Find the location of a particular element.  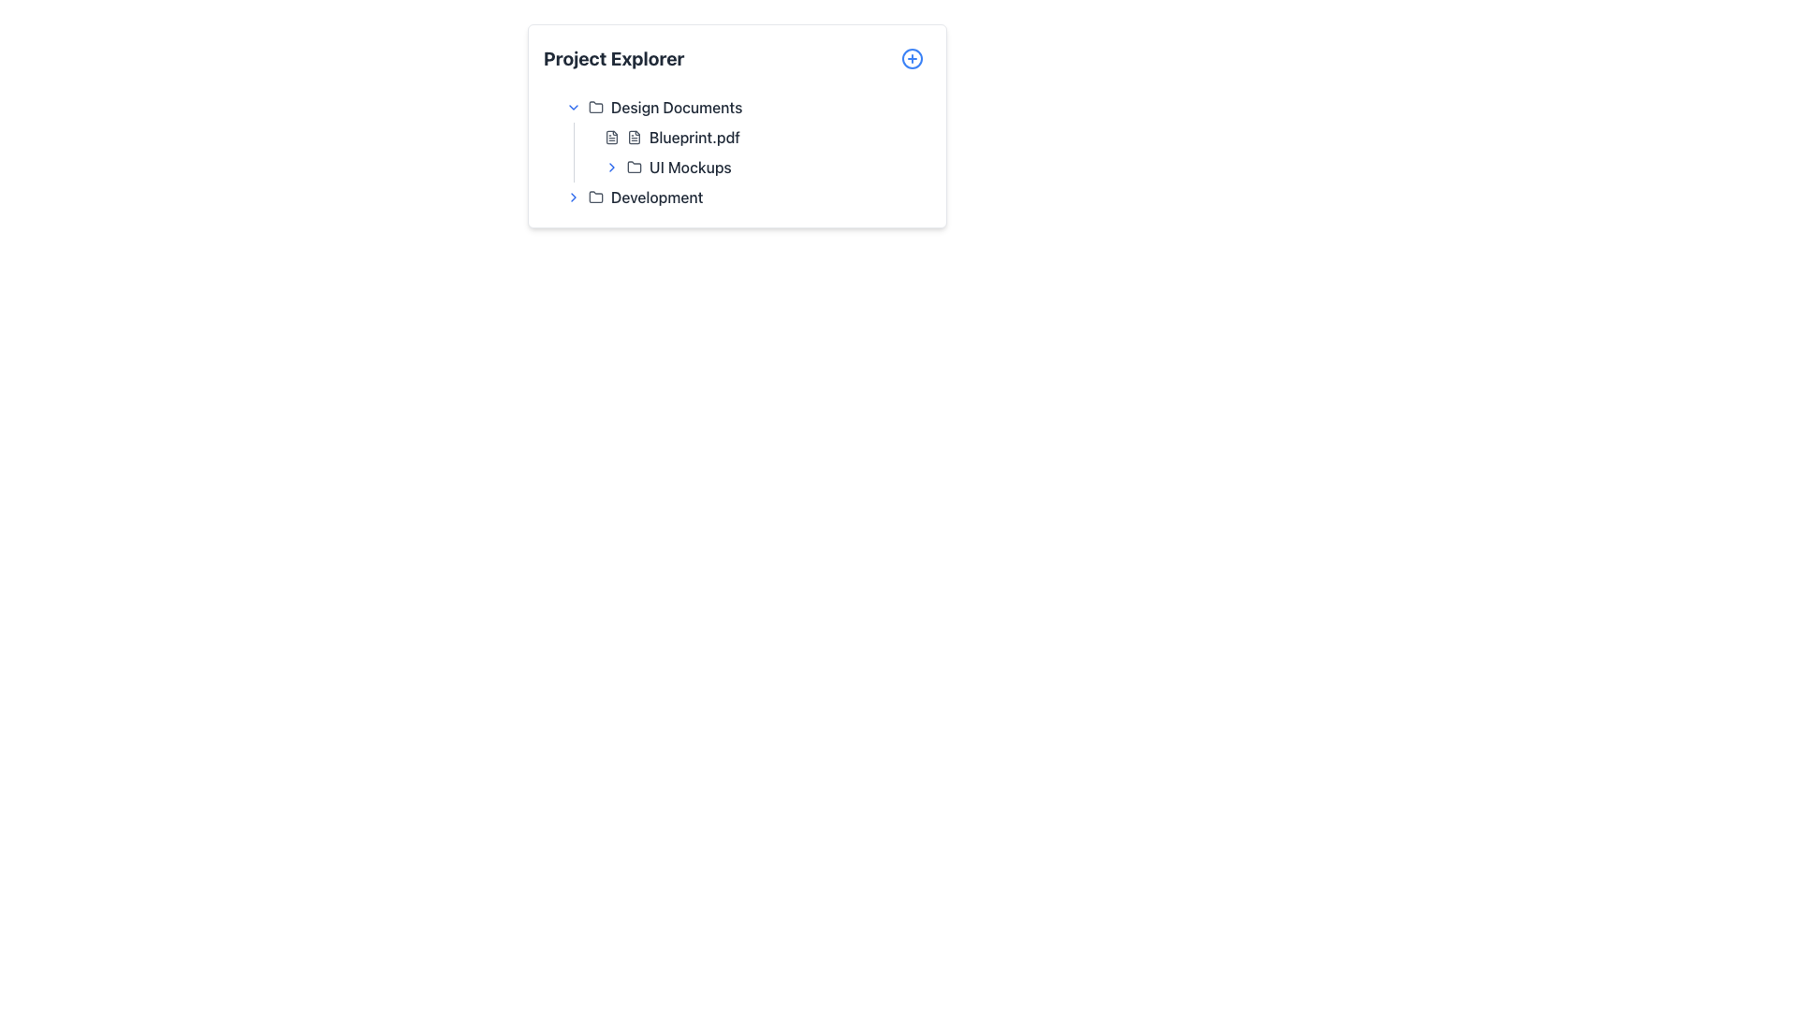

the small icon resembling a document next to the filename 'Blueprint.pdf' in the project explorer interface is located at coordinates (634, 136).